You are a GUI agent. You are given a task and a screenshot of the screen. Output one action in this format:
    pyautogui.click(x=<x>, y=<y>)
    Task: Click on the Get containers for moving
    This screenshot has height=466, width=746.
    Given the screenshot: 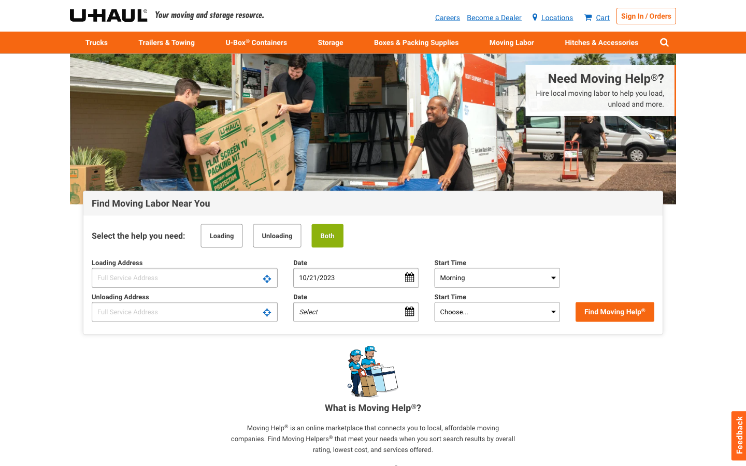 What is the action you would take?
    pyautogui.click(x=256, y=41)
    